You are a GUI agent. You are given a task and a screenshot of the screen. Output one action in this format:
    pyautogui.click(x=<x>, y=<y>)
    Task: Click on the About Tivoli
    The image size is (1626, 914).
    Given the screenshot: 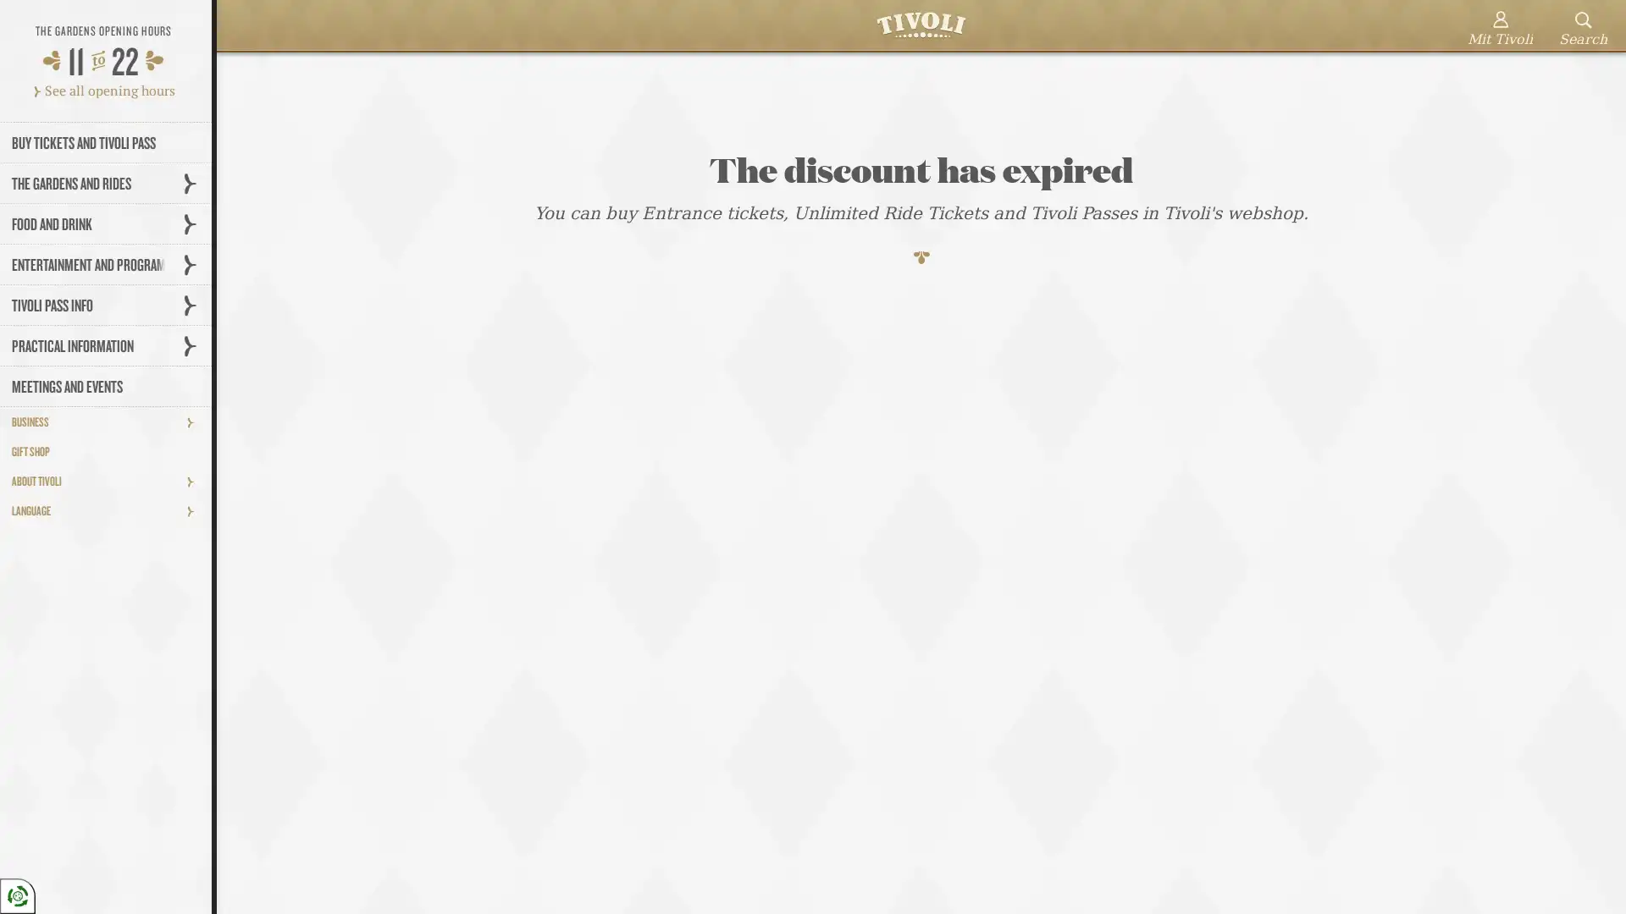 What is the action you would take?
    pyautogui.click(x=195, y=481)
    